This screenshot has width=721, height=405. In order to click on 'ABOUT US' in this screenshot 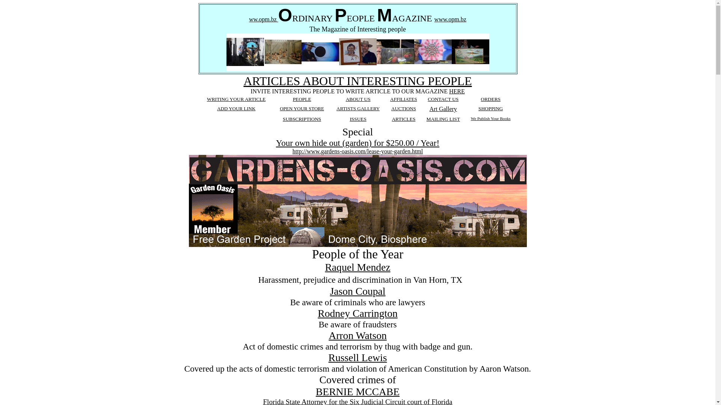, I will do `click(358, 99)`.